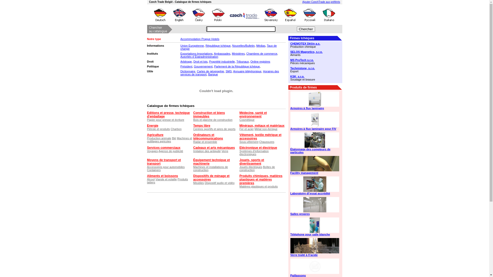 The height and width of the screenshot is (277, 493). What do you see at coordinates (315, 68) in the screenshot?
I see `'Technistone, s.r.o.'` at bounding box center [315, 68].